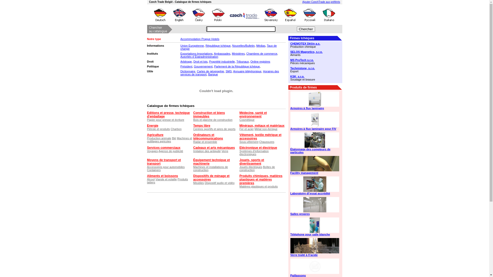 The height and width of the screenshot is (277, 493). What do you see at coordinates (315, 68) in the screenshot?
I see `'Technistone, s.r.o.'` at bounding box center [315, 68].